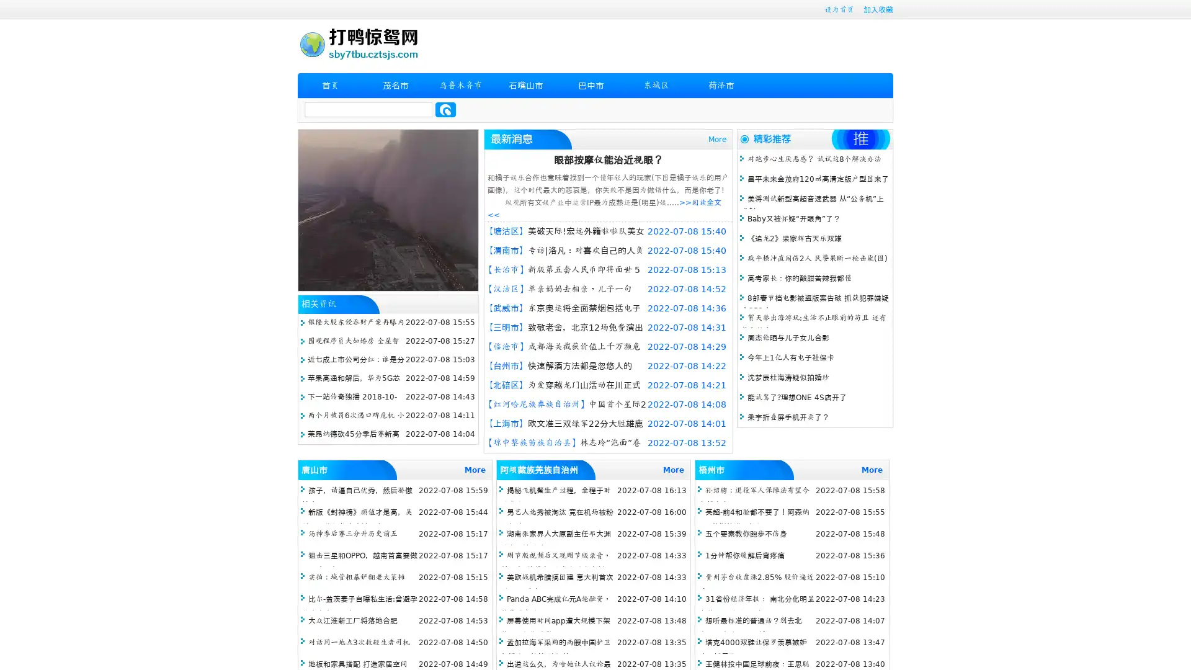 The height and width of the screenshot is (670, 1191). I want to click on Search, so click(445, 109).